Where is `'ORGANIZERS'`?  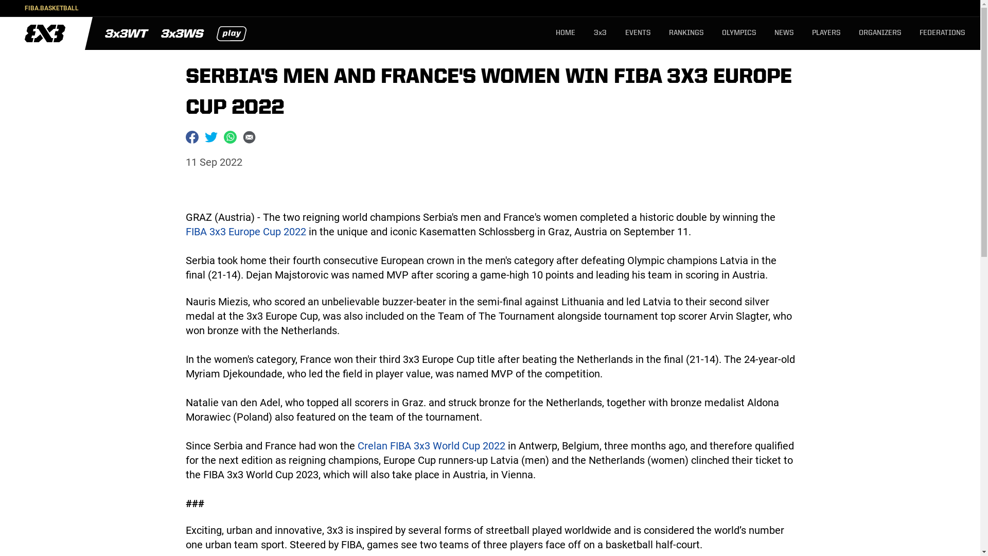
'ORGANIZERS' is located at coordinates (879, 32).